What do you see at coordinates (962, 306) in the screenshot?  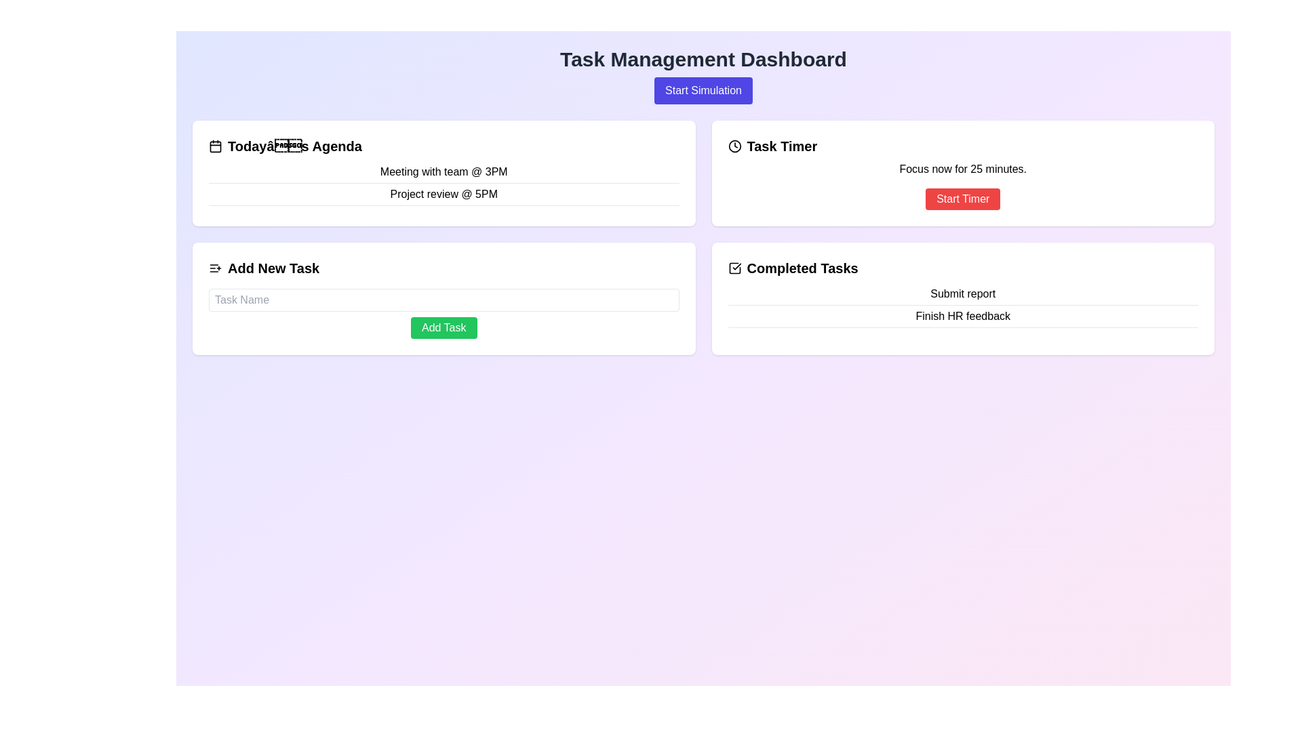 I see `the Task list component located under the 'Completed Tasks' section on the right-hand side of the interface by moving the cursor to its center point` at bounding box center [962, 306].